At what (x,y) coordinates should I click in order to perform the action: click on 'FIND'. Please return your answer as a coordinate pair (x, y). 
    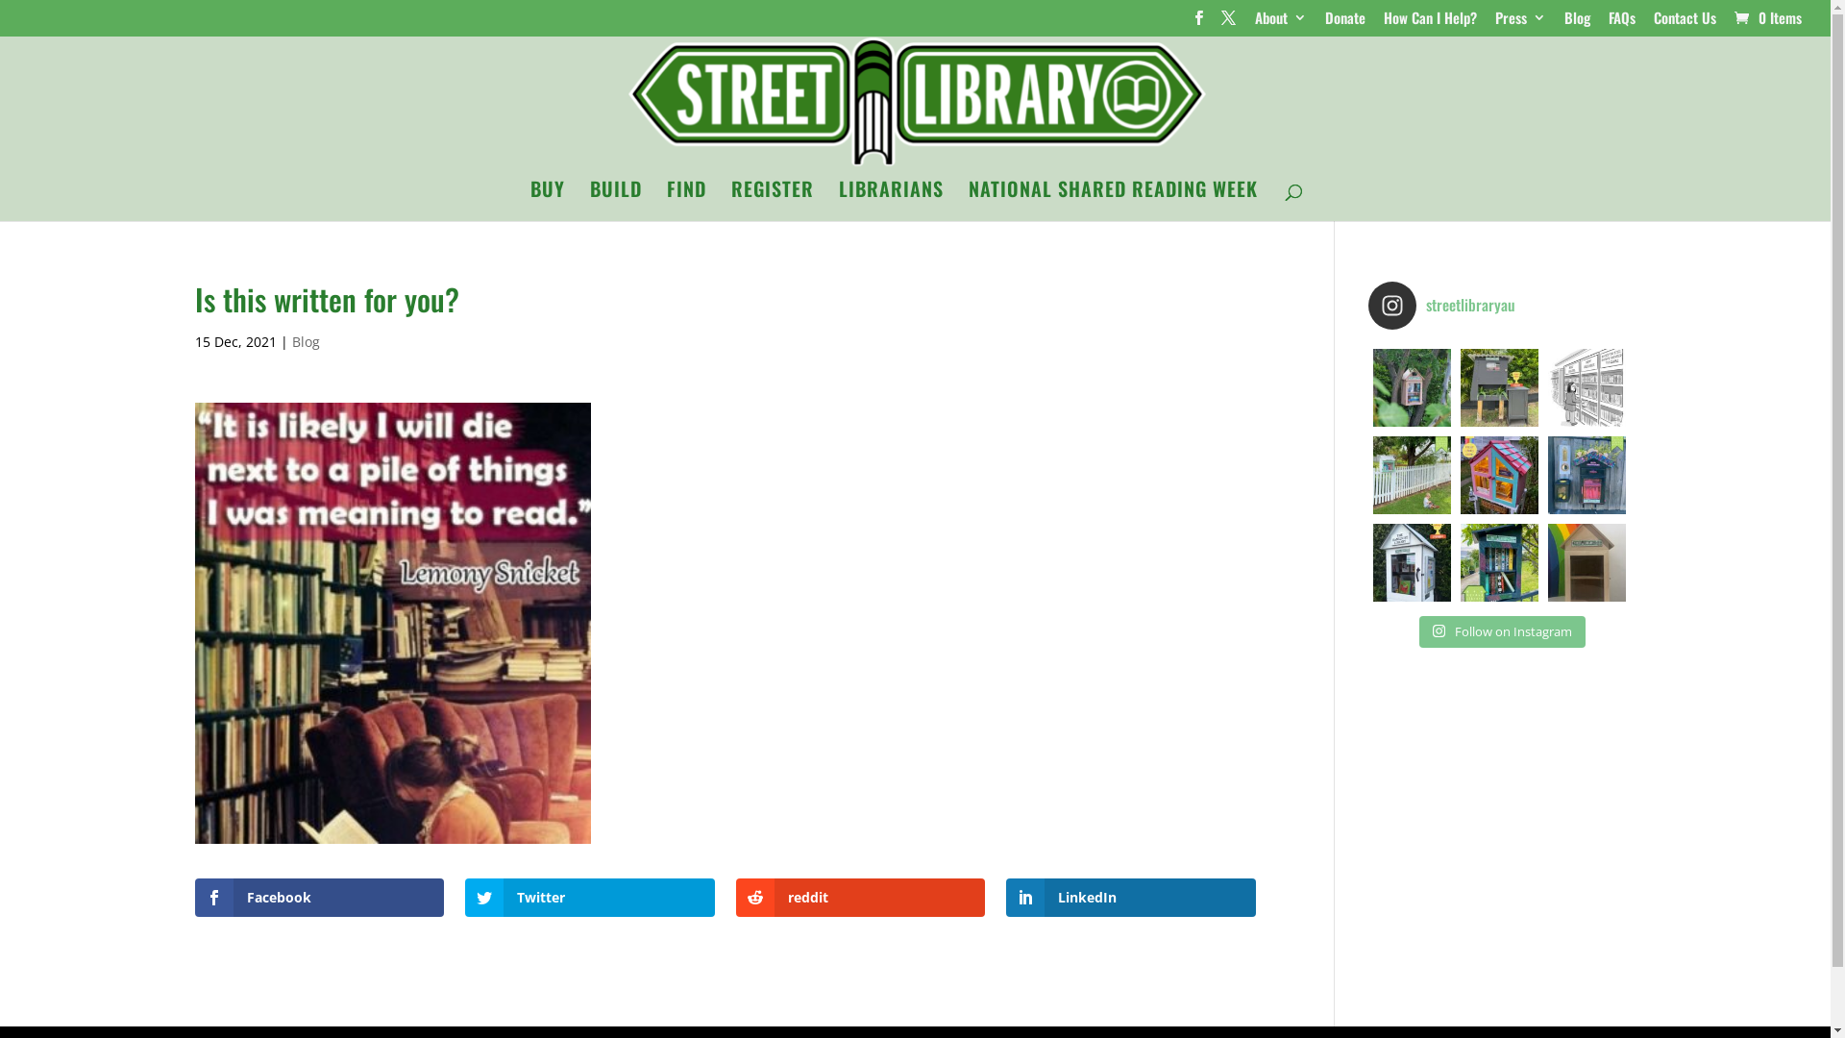
    Looking at the image, I should click on (686, 200).